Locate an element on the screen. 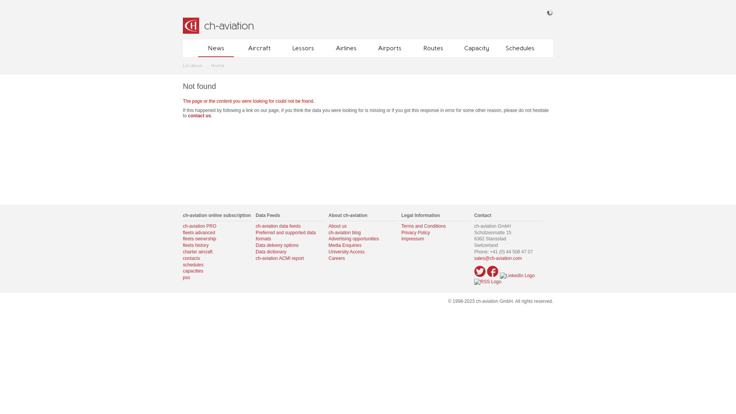 The height and width of the screenshot is (414, 736). 'contact us' is located at coordinates (187, 115).